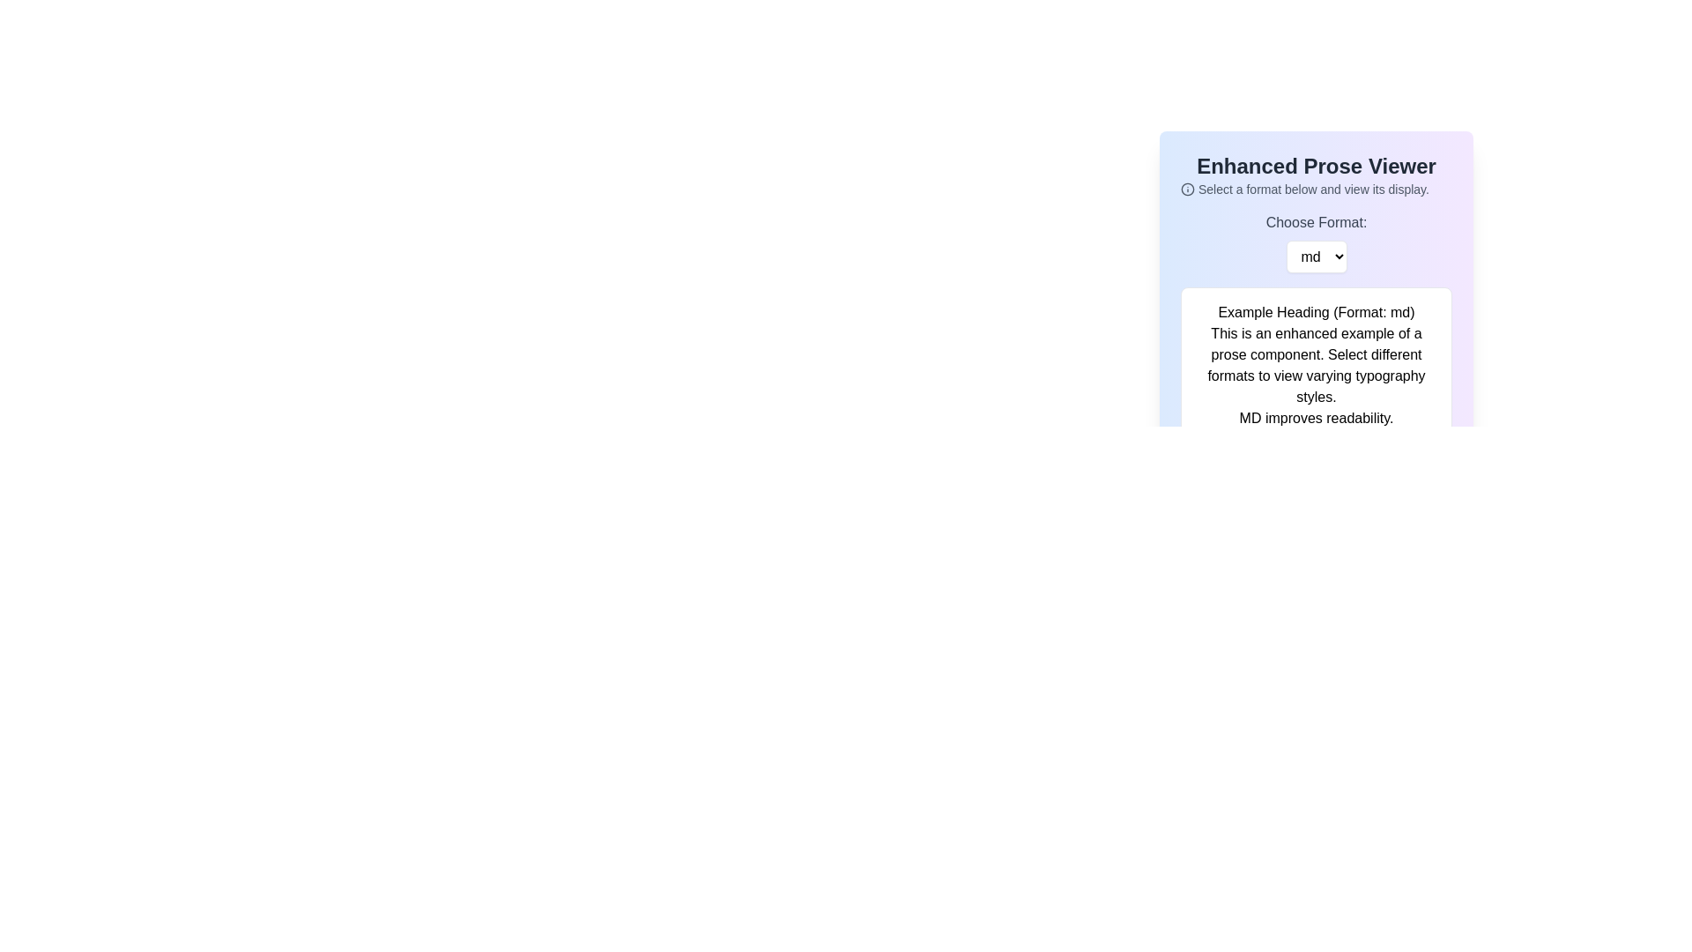 This screenshot has height=952, width=1692. I want to click on the dropdown menu labeled 'Choose Format:', so click(1316, 268).